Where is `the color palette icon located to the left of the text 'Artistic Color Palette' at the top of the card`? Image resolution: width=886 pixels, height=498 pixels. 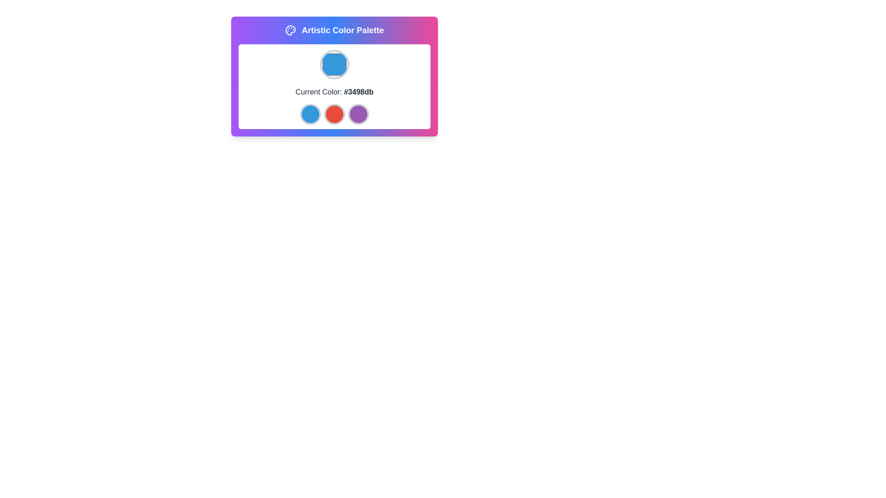 the color palette icon located to the left of the text 'Artistic Color Palette' at the top of the card is located at coordinates (290, 30).